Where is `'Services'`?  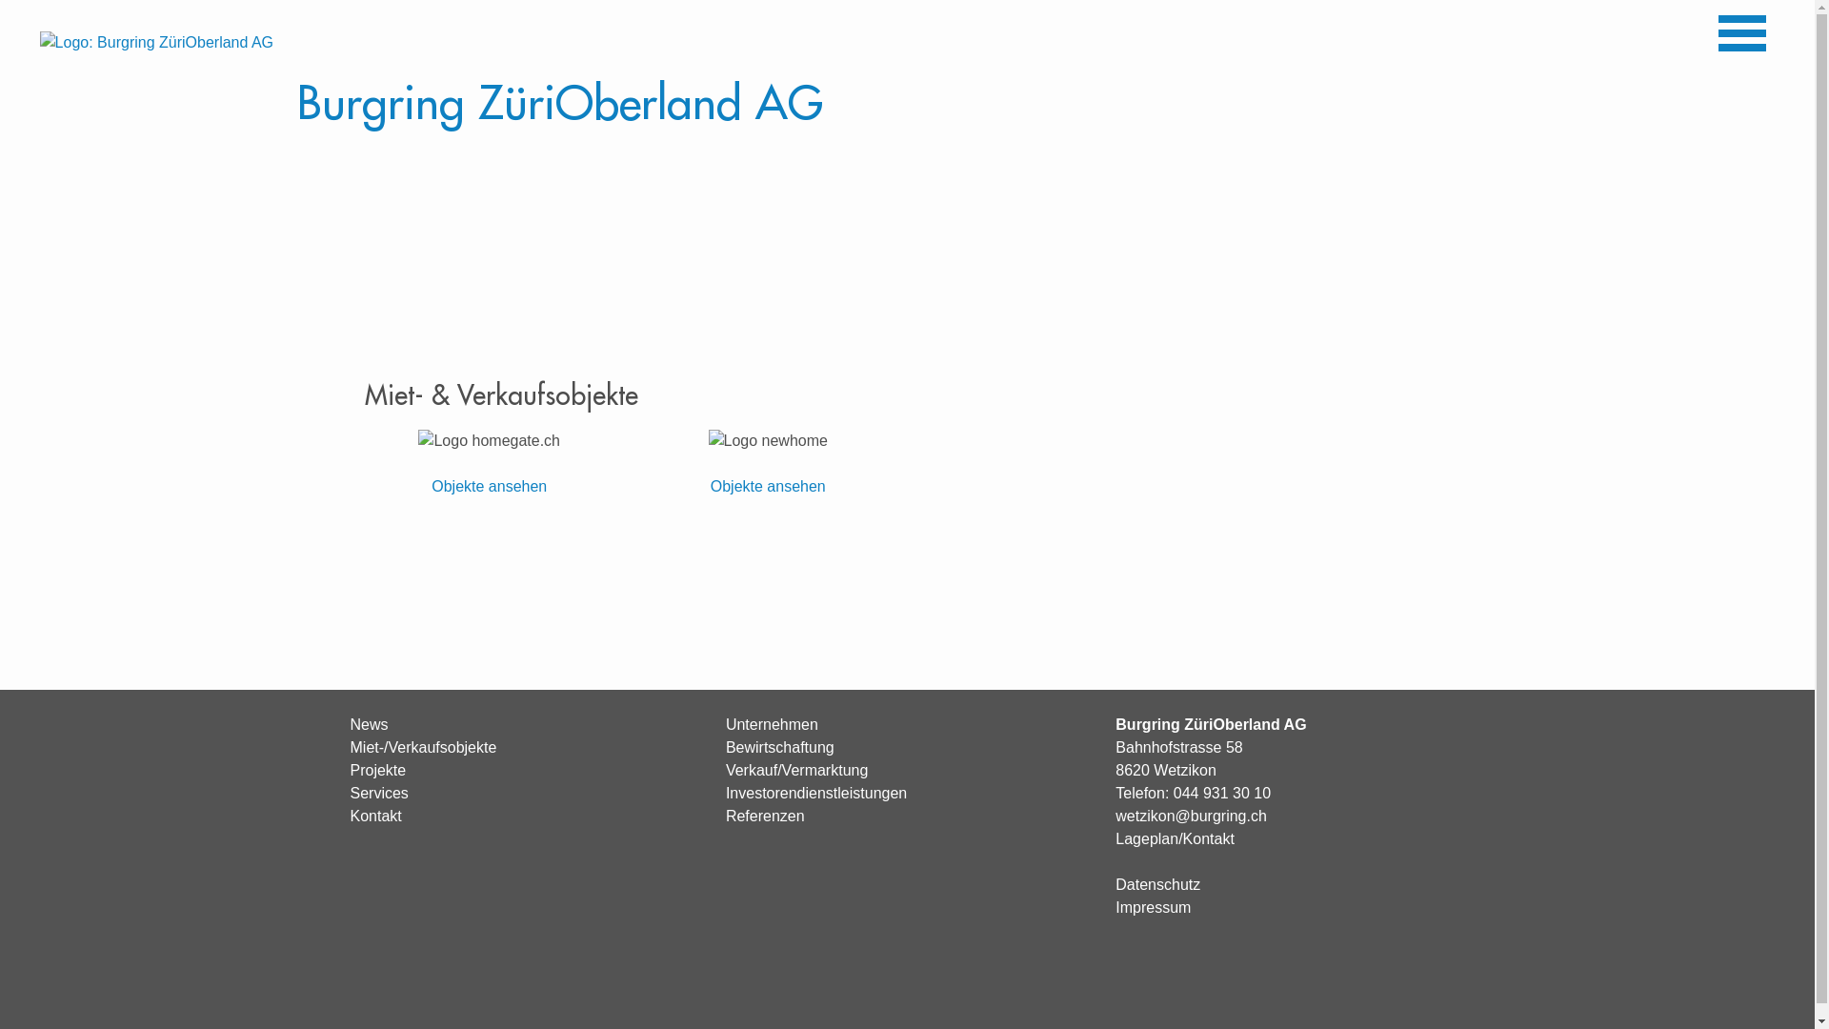
'Services' is located at coordinates (379, 793).